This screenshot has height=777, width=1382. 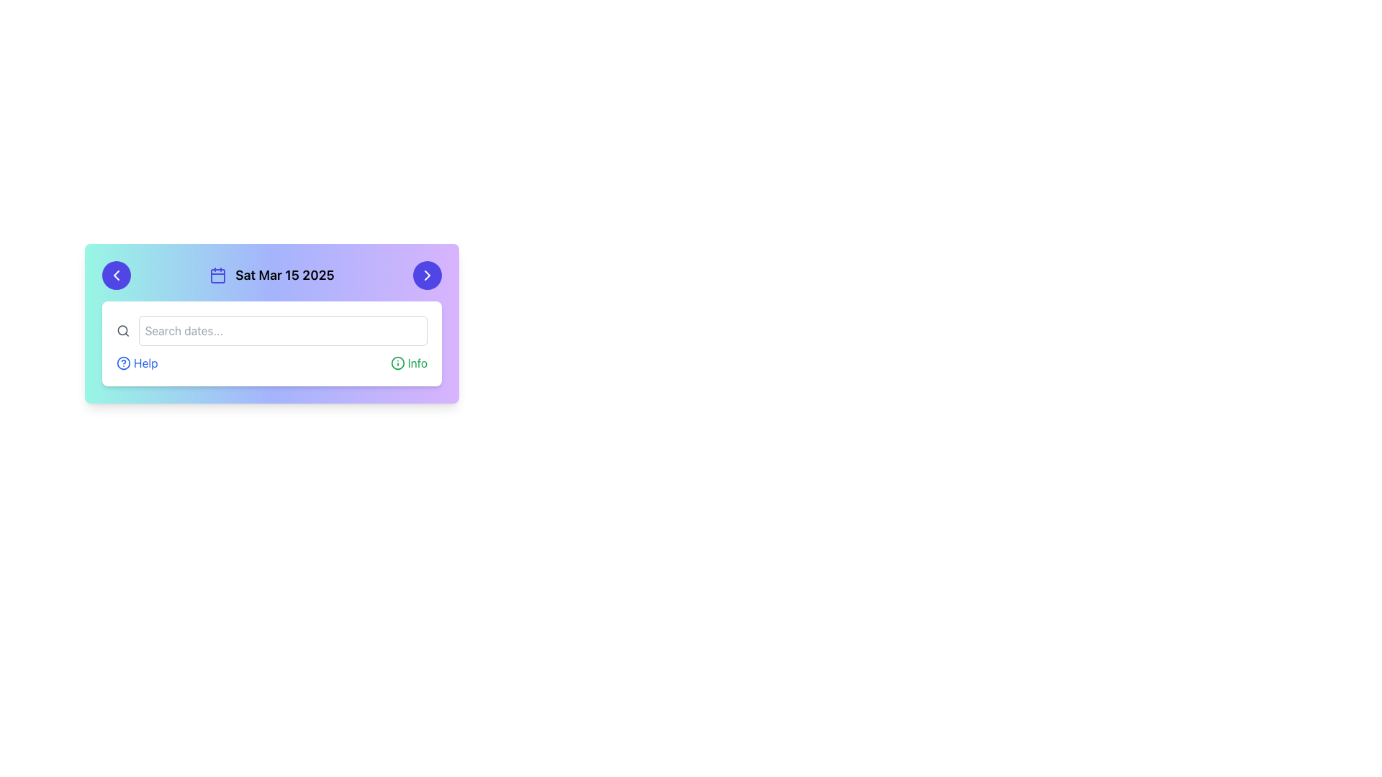 I want to click on the leftward chevron icon inside the circular button with a blue background, located in the header of the date selector, so click(x=117, y=275).